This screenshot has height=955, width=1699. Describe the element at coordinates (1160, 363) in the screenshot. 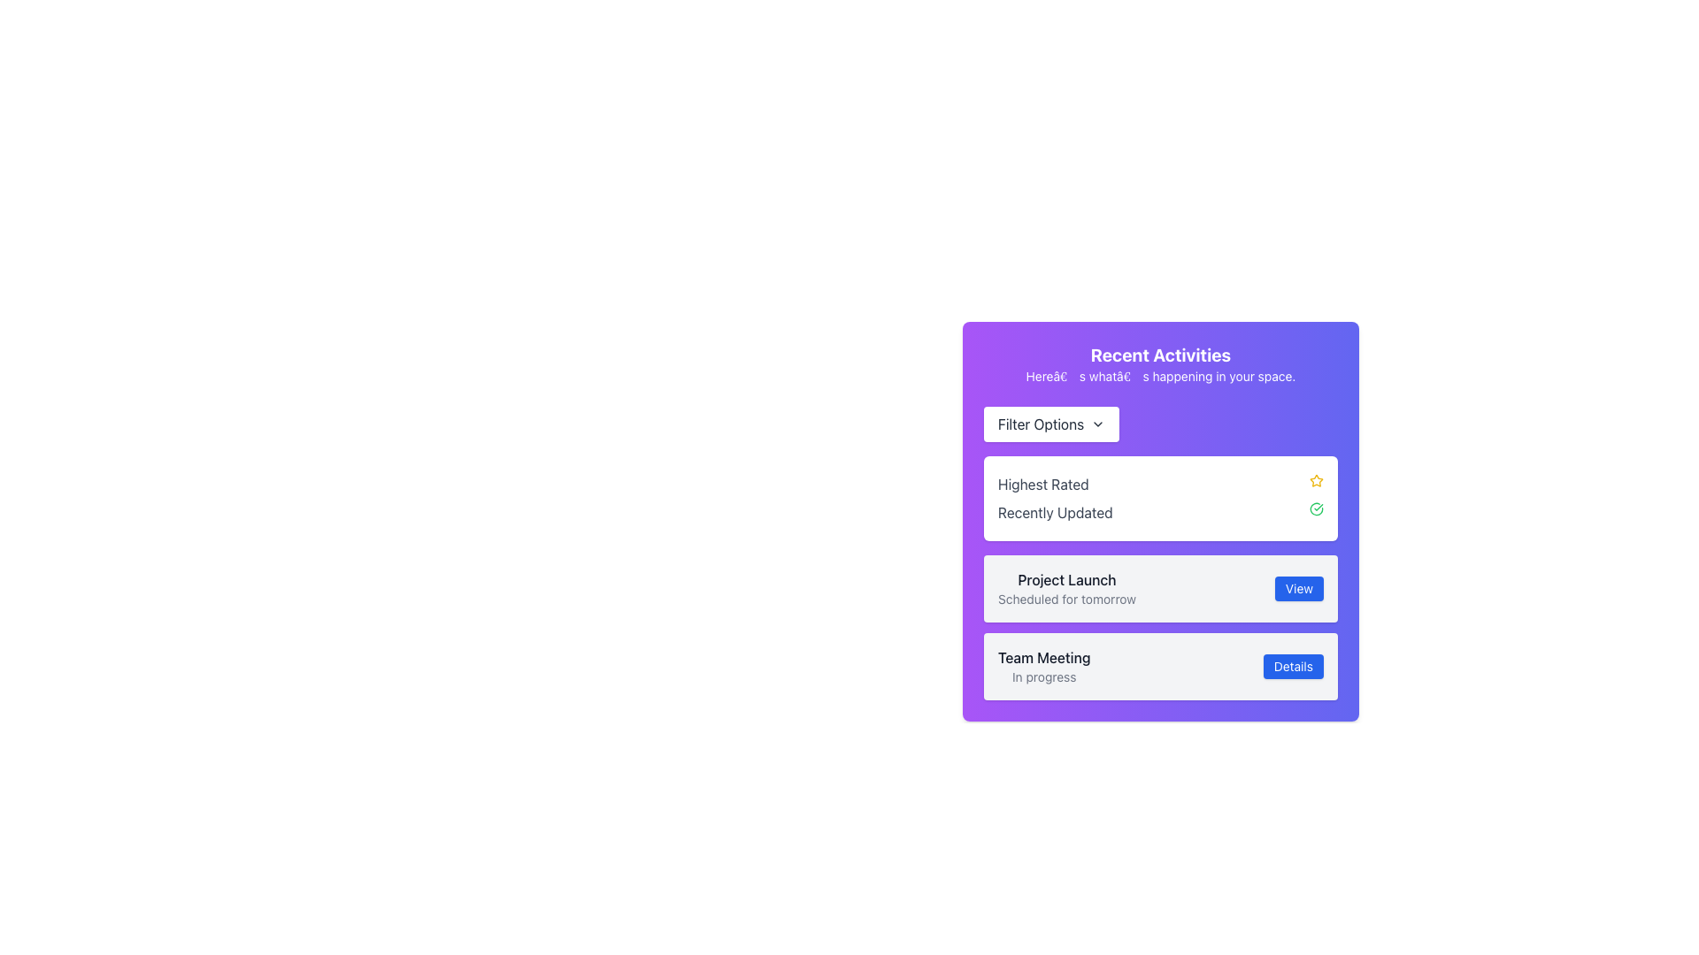

I see `the 'Recent Activities' text label, which is styled in bold and located at the top of a card with a gradient purple background` at that location.